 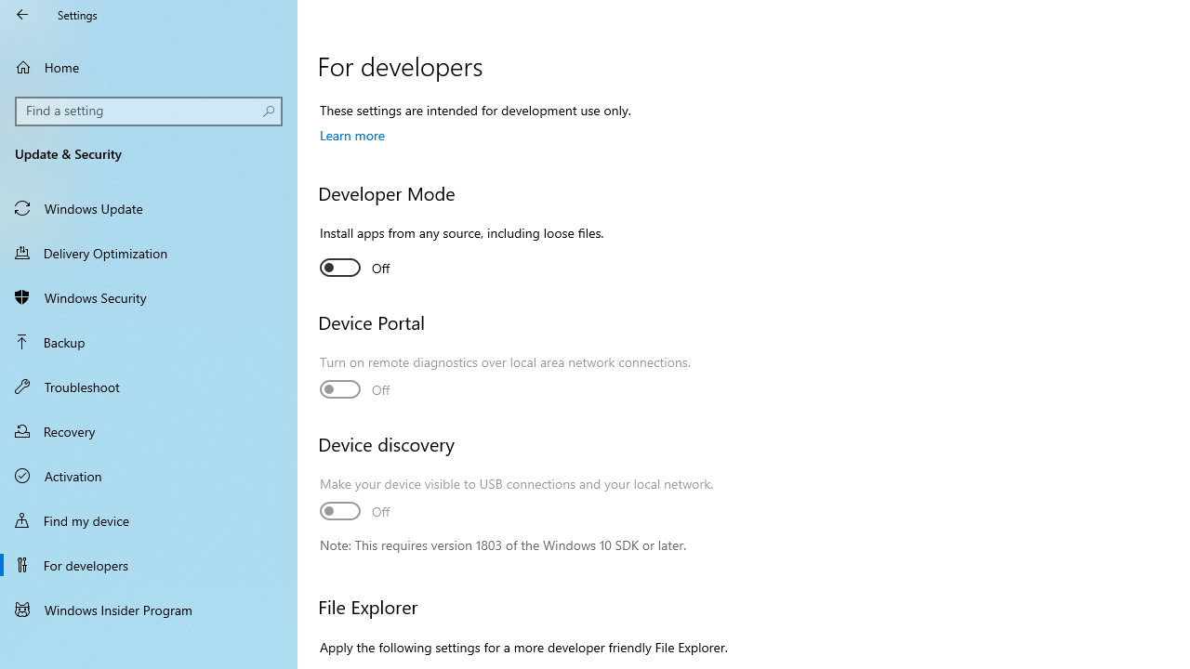 What do you see at coordinates (149, 296) in the screenshot?
I see `'Windows Security'` at bounding box center [149, 296].